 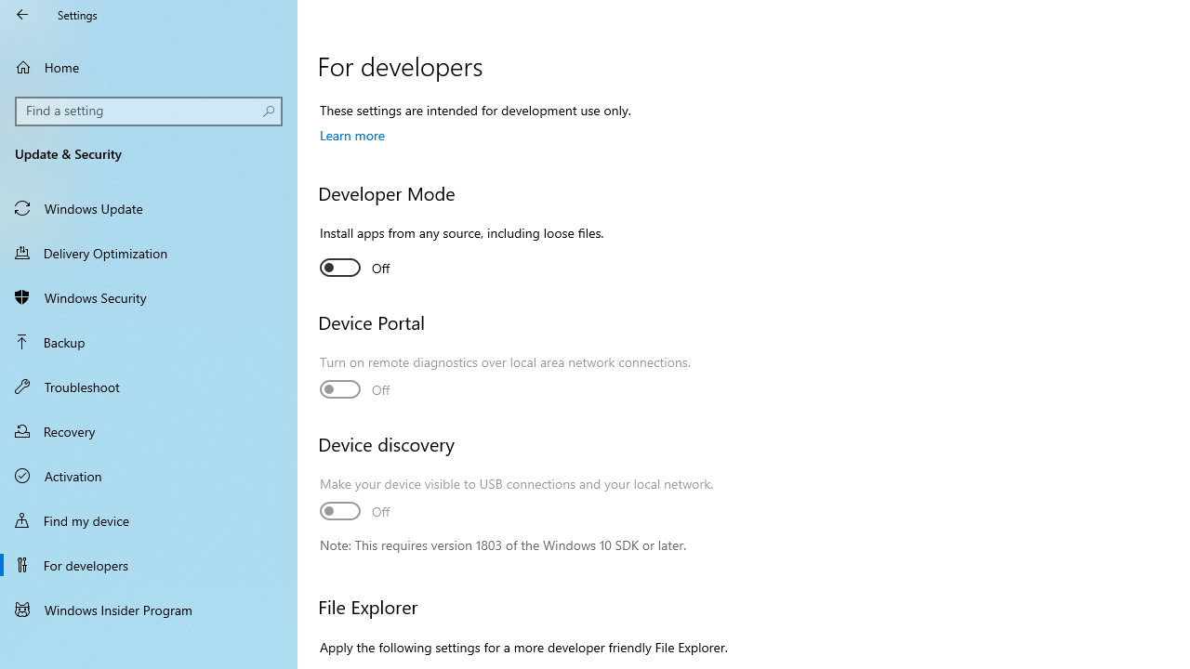 What do you see at coordinates (149, 296) in the screenshot?
I see `'Windows Security'` at bounding box center [149, 296].